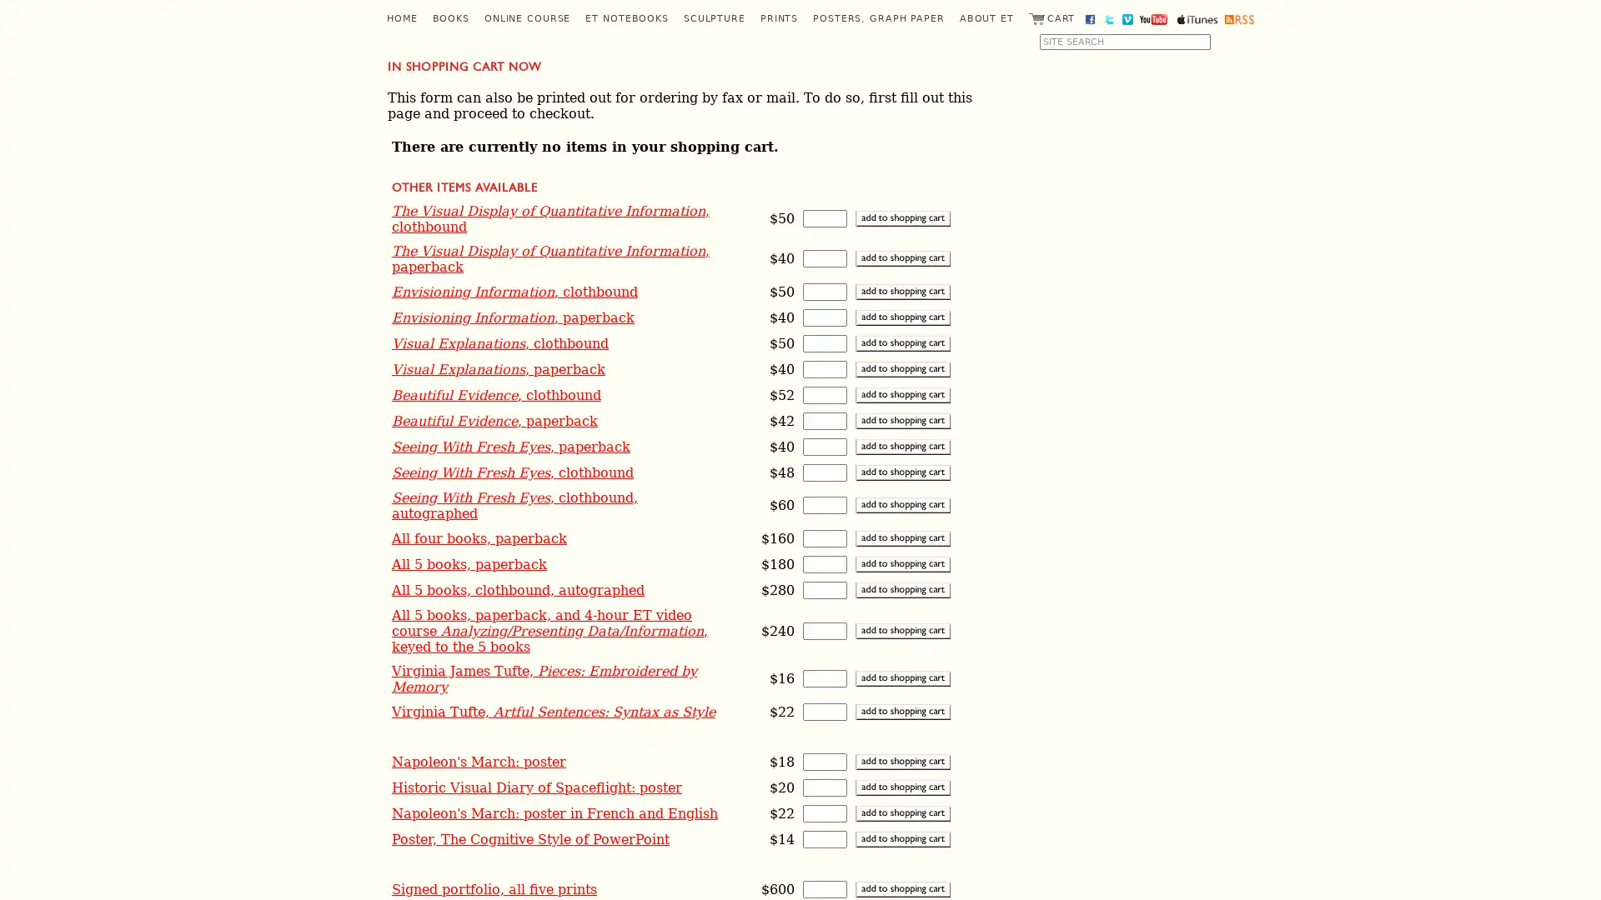 Image resolution: width=1601 pixels, height=900 pixels. Describe the element at coordinates (902, 887) in the screenshot. I see `add to shopping cart` at that location.